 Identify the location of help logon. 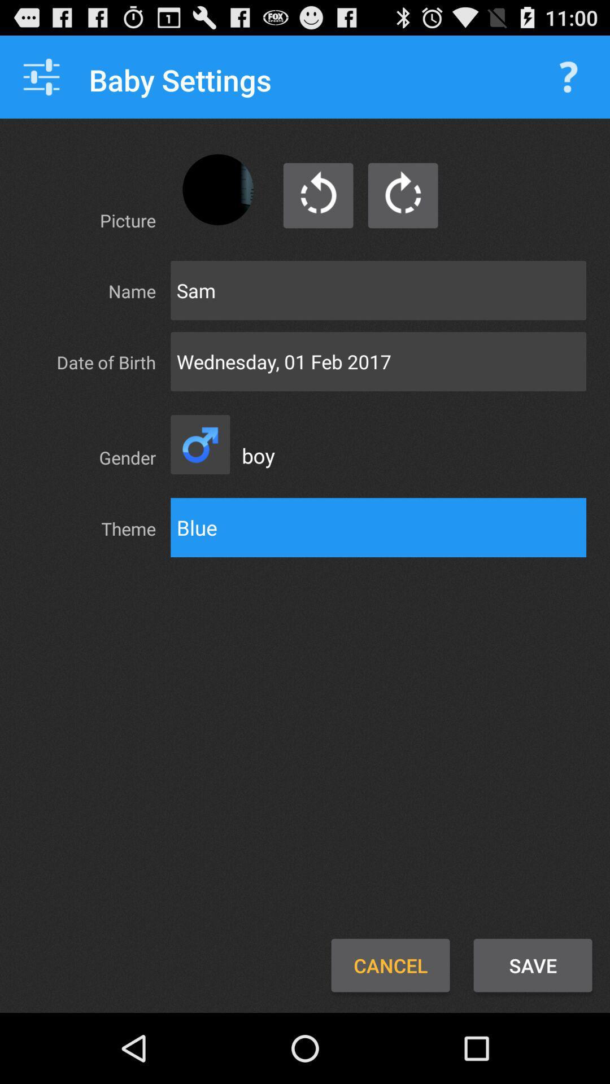
(568, 76).